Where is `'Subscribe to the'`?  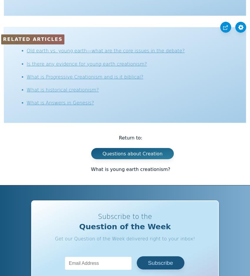
'Subscribe to the' is located at coordinates (98, 216).